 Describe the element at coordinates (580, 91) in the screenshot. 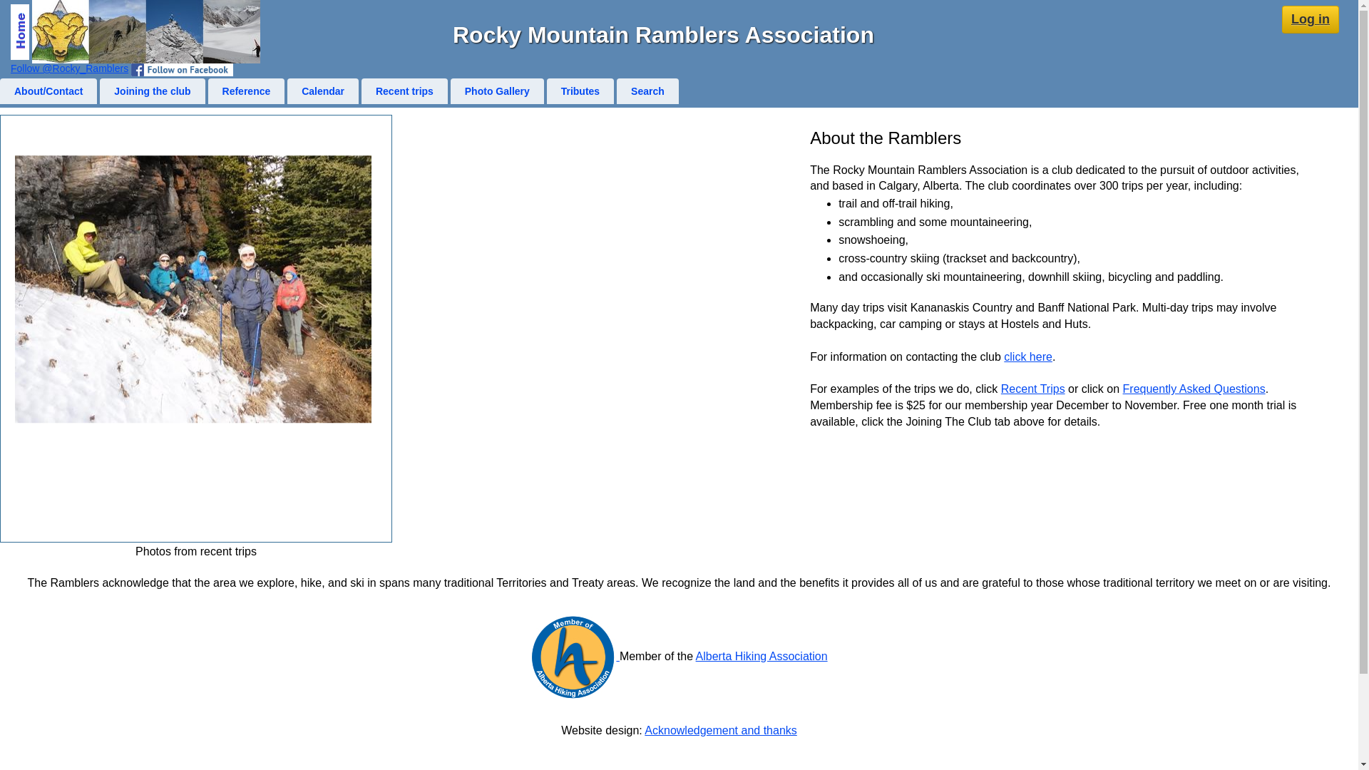

I see `'Tributes'` at that location.